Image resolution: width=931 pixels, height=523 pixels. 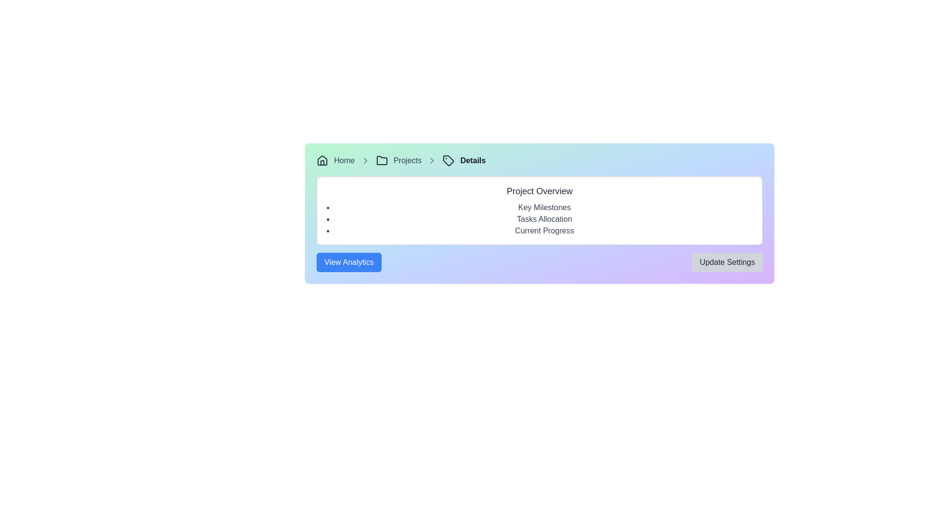 I want to click on the 'Projects' hyperlink in the breadcrumb navigation bar, so click(x=407, y=160).